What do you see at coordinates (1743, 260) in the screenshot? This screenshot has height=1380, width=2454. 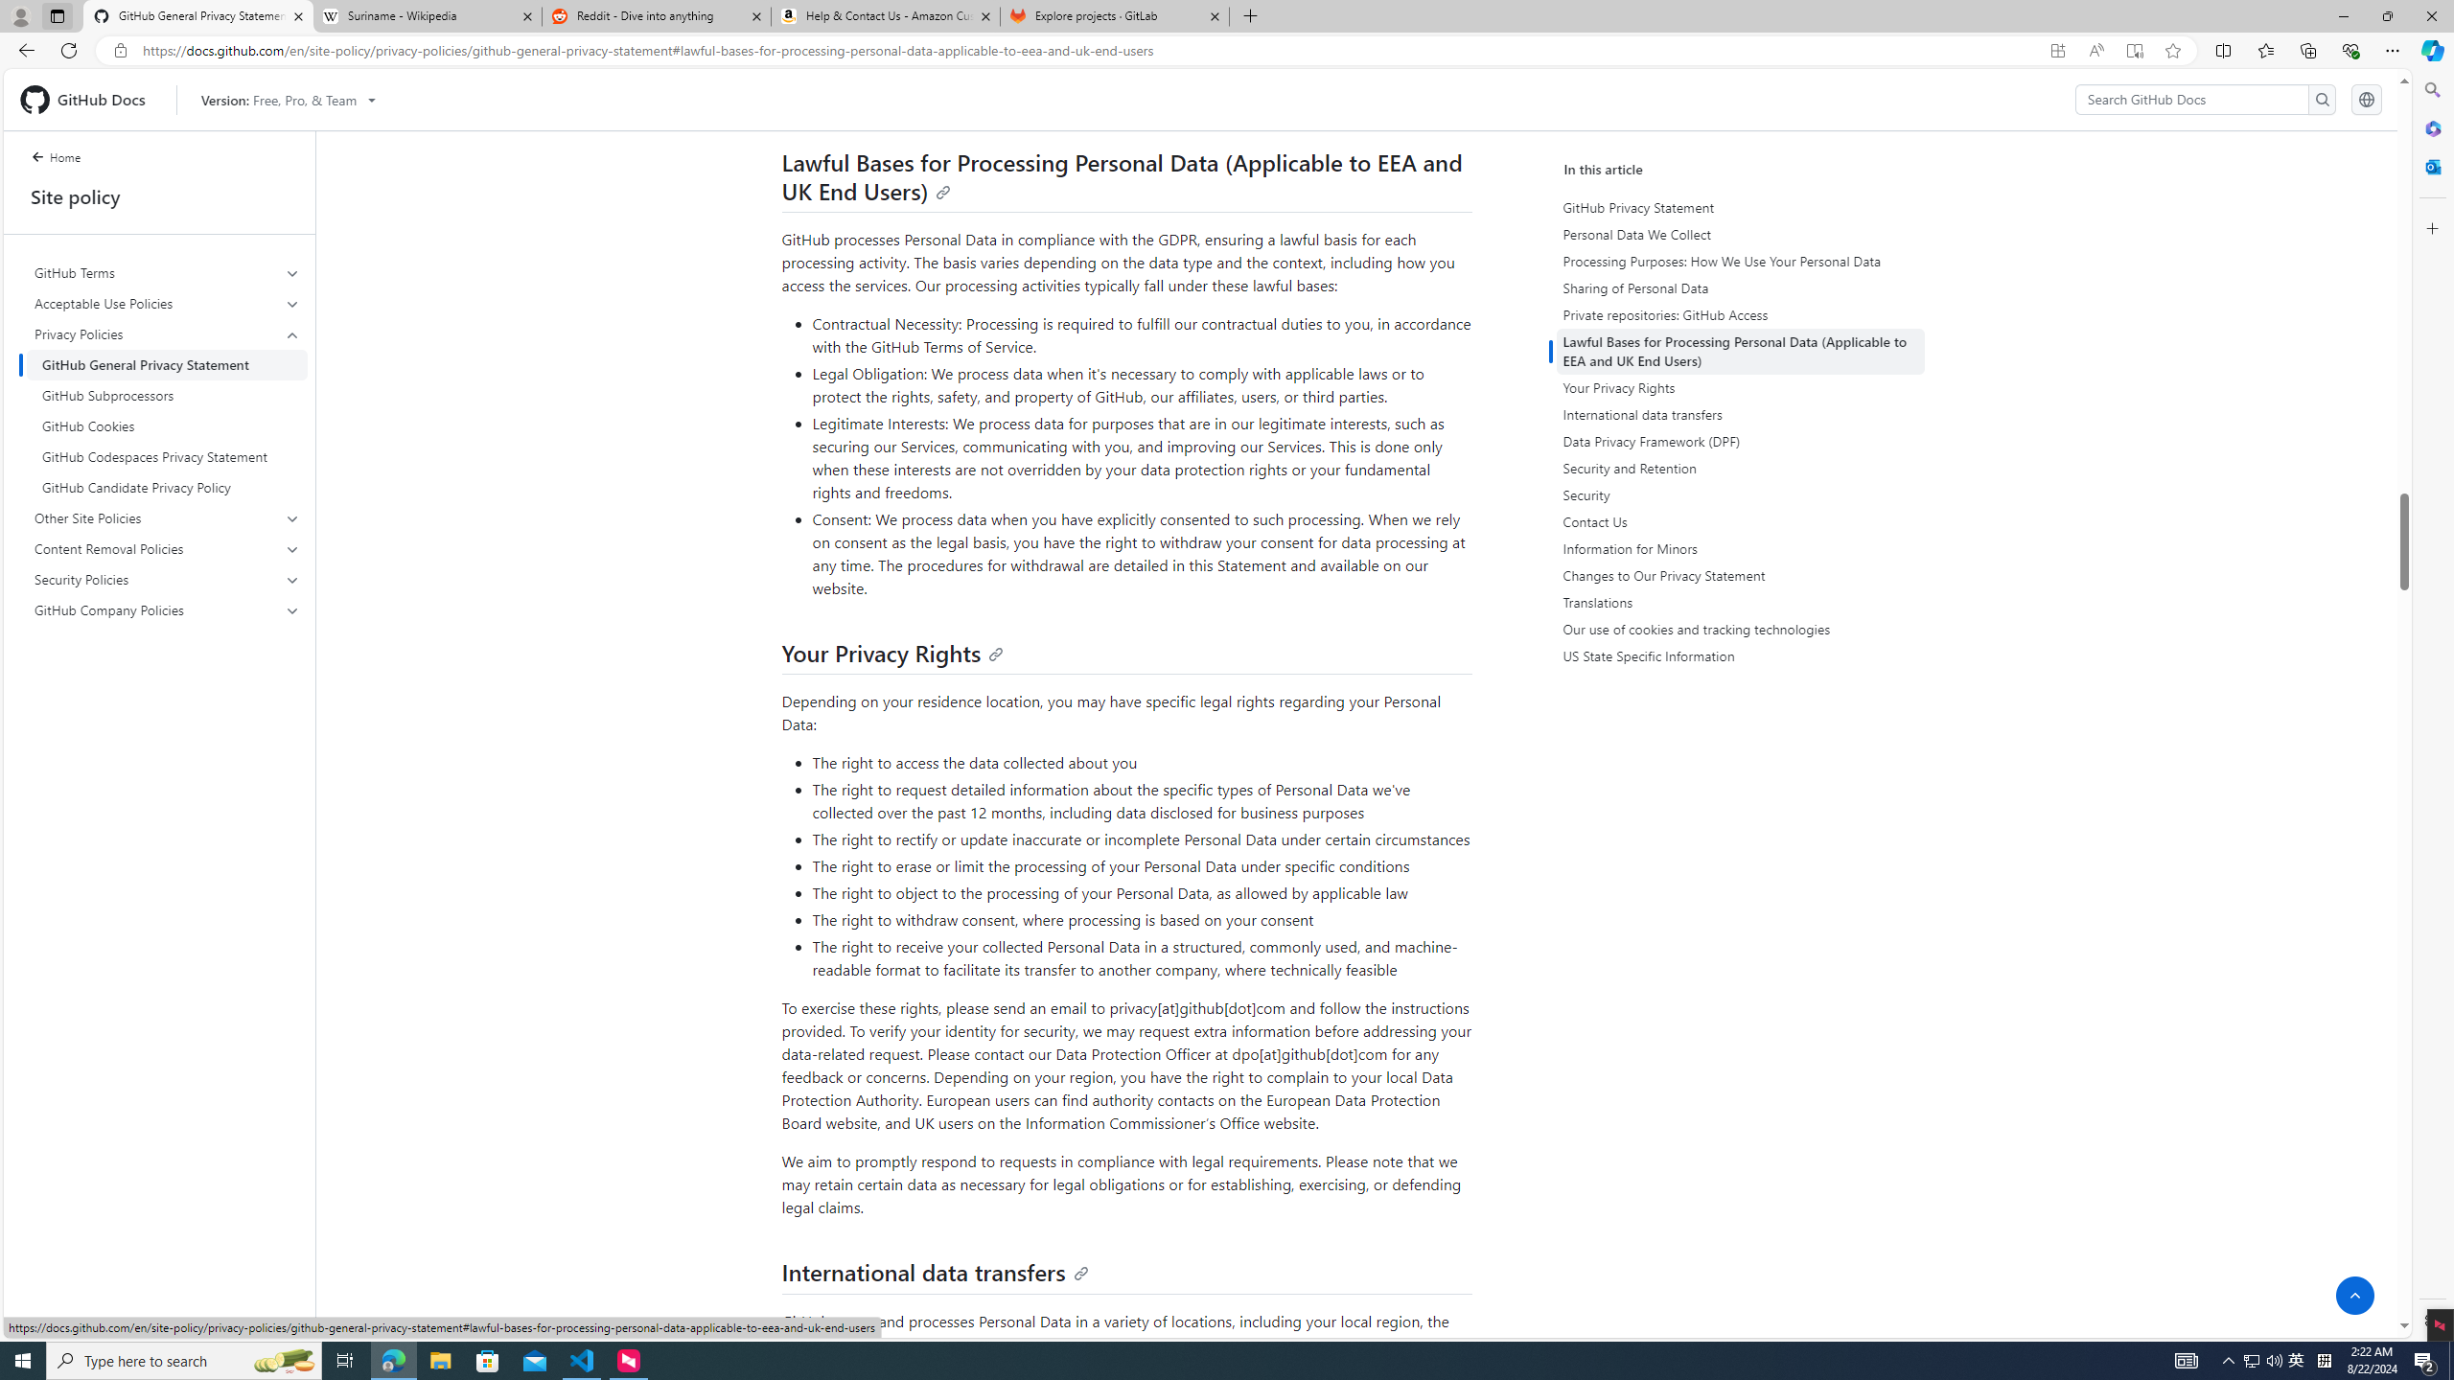 I see `'Processing Purposes: How We Use Your Personal Data'` at bounding box center [1743, 260].